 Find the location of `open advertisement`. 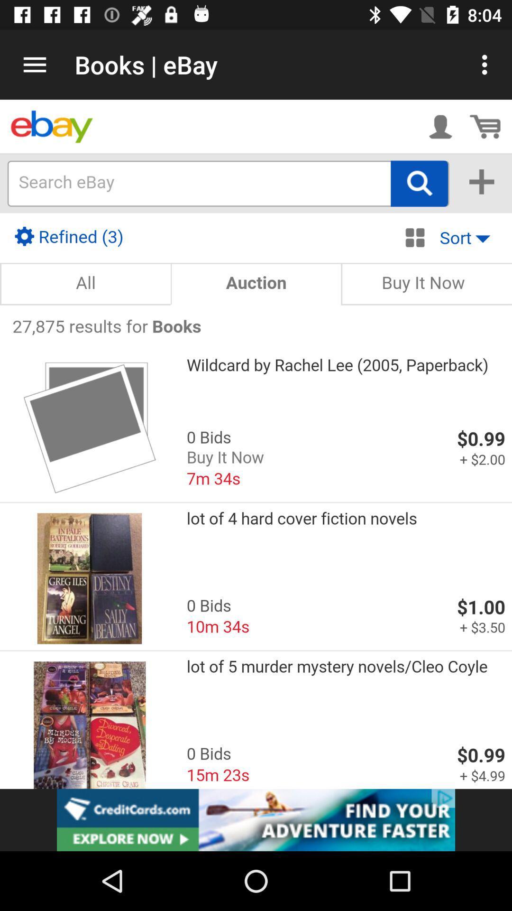

open advertisement is located at coordinates (256, 819).